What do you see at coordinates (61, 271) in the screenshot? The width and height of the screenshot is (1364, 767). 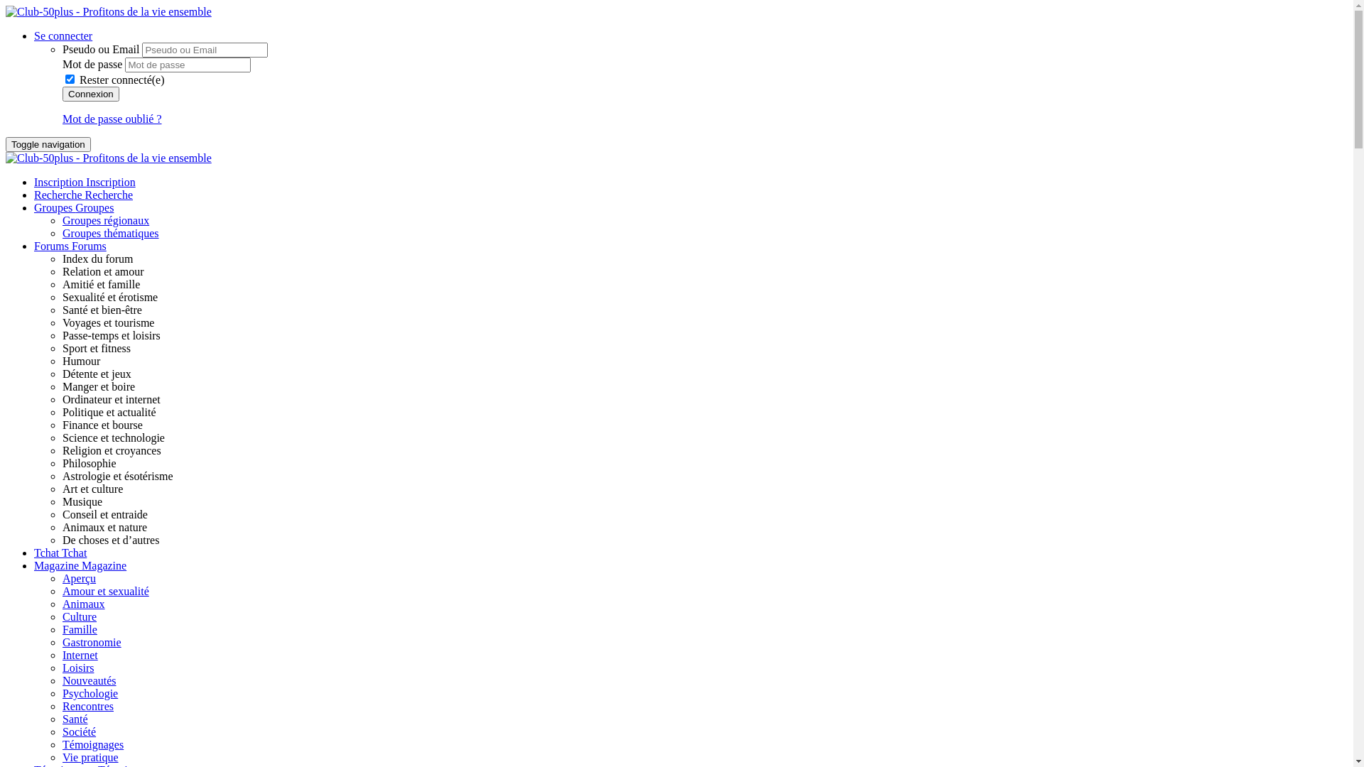 I see `'Relation et amour'` at bounding box center [61, 271].